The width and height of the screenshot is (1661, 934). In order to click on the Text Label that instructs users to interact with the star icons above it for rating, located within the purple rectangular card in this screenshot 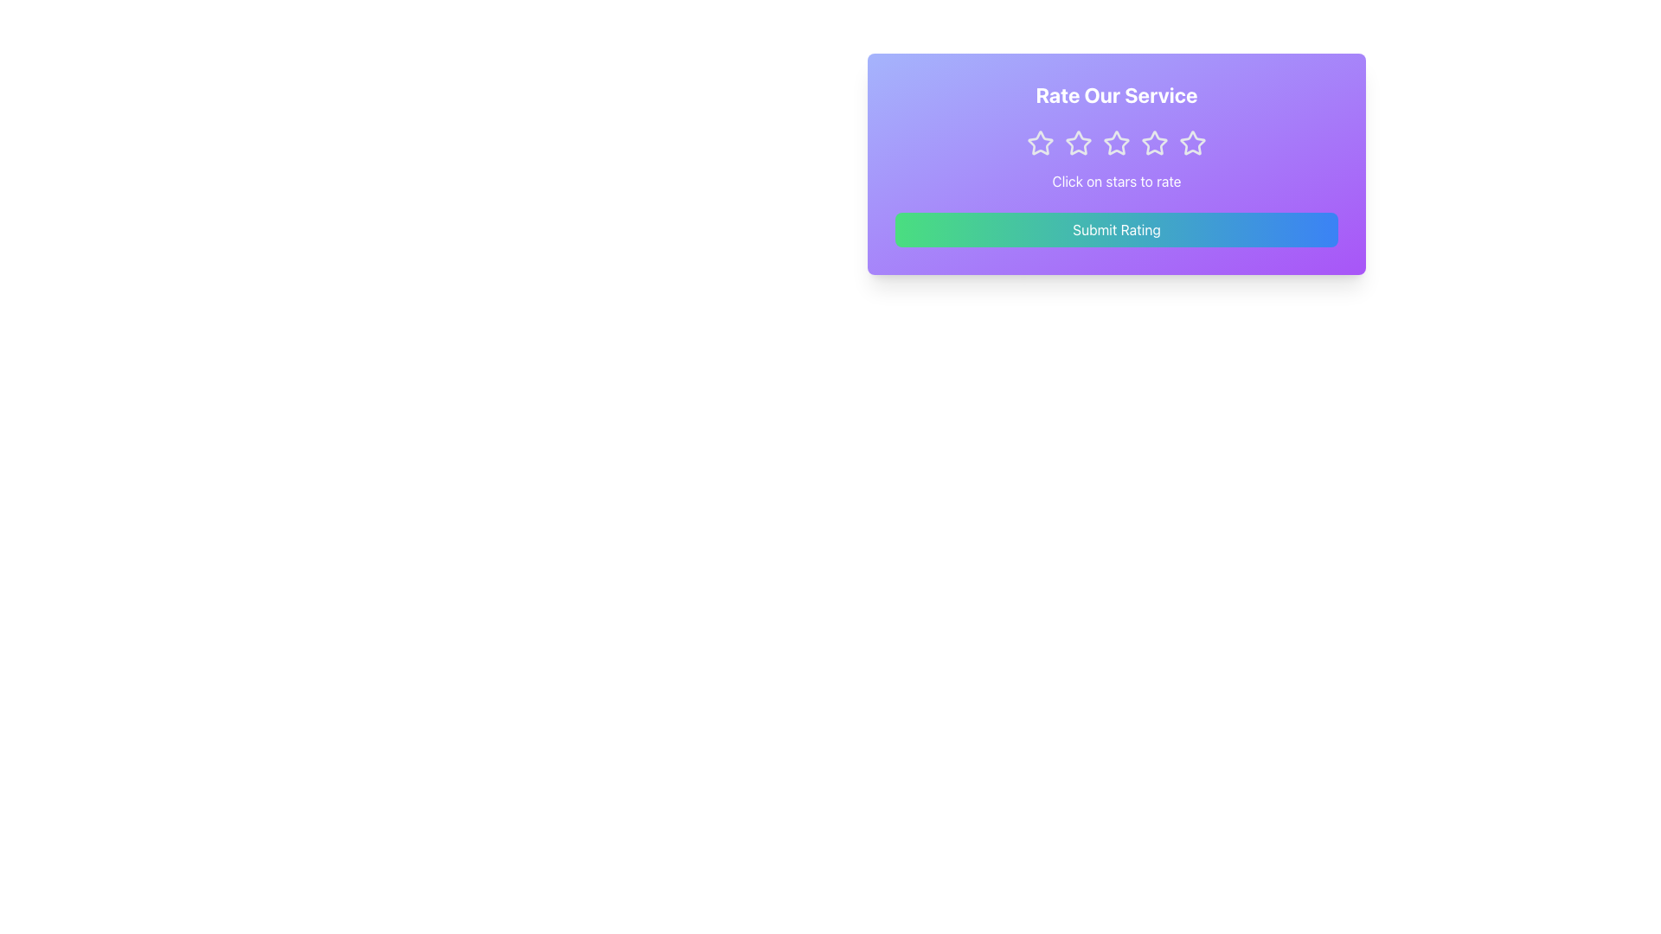, I will do `click(1117, 181)`.